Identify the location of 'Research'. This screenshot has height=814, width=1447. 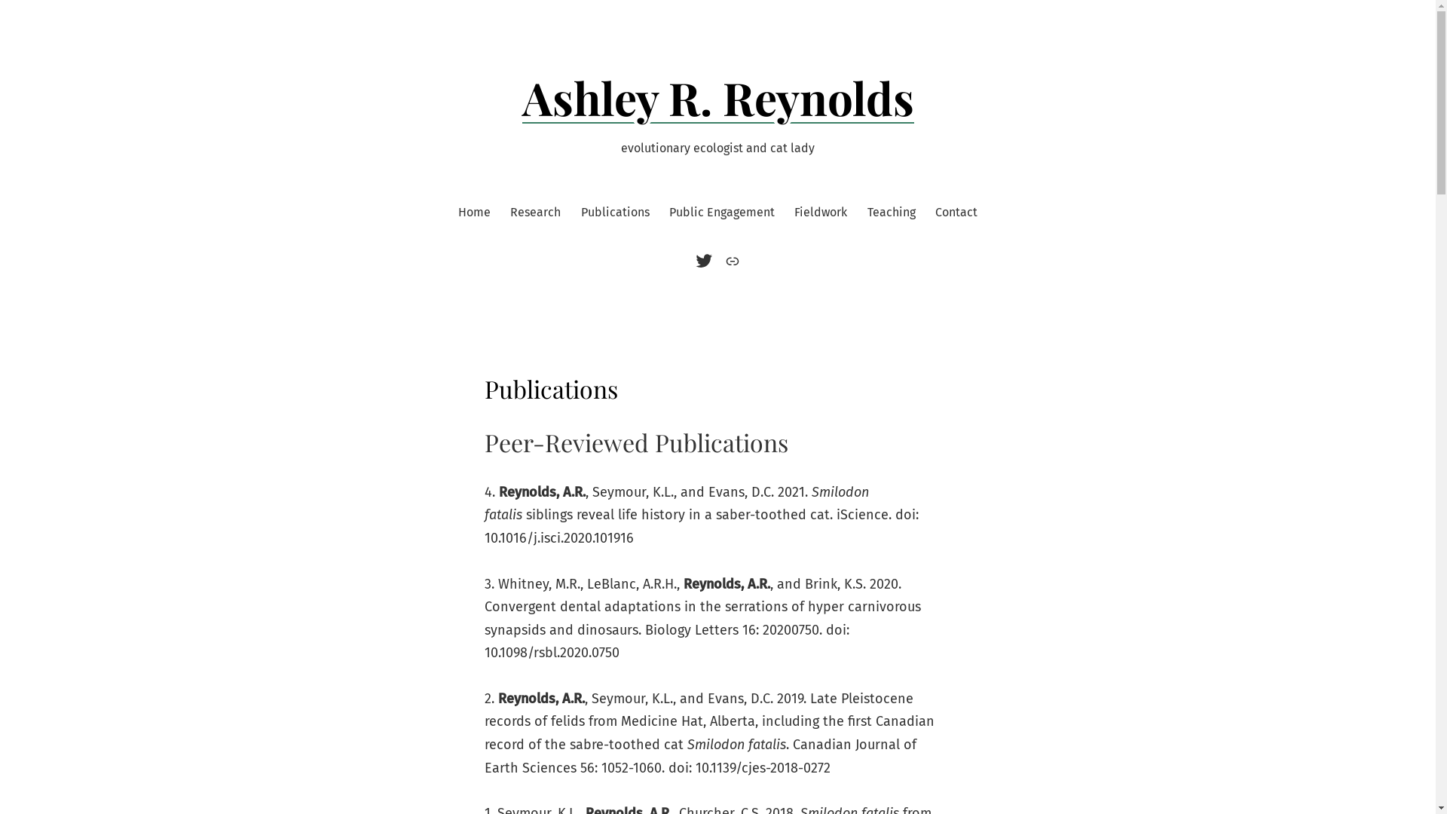
(535, 212).